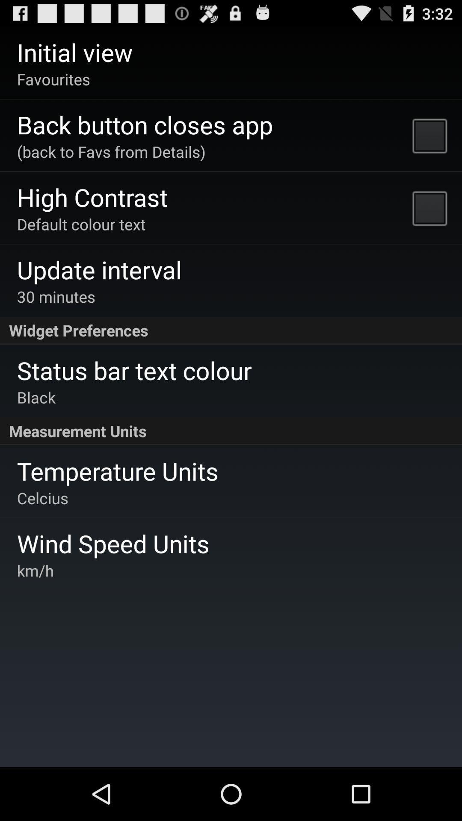 The width and height of the screenshot is (462, 821). What do you see at coordinates (231, 330) in the screenshot?
I see `the icon above status bar text app` at bounding box center [231, 330].